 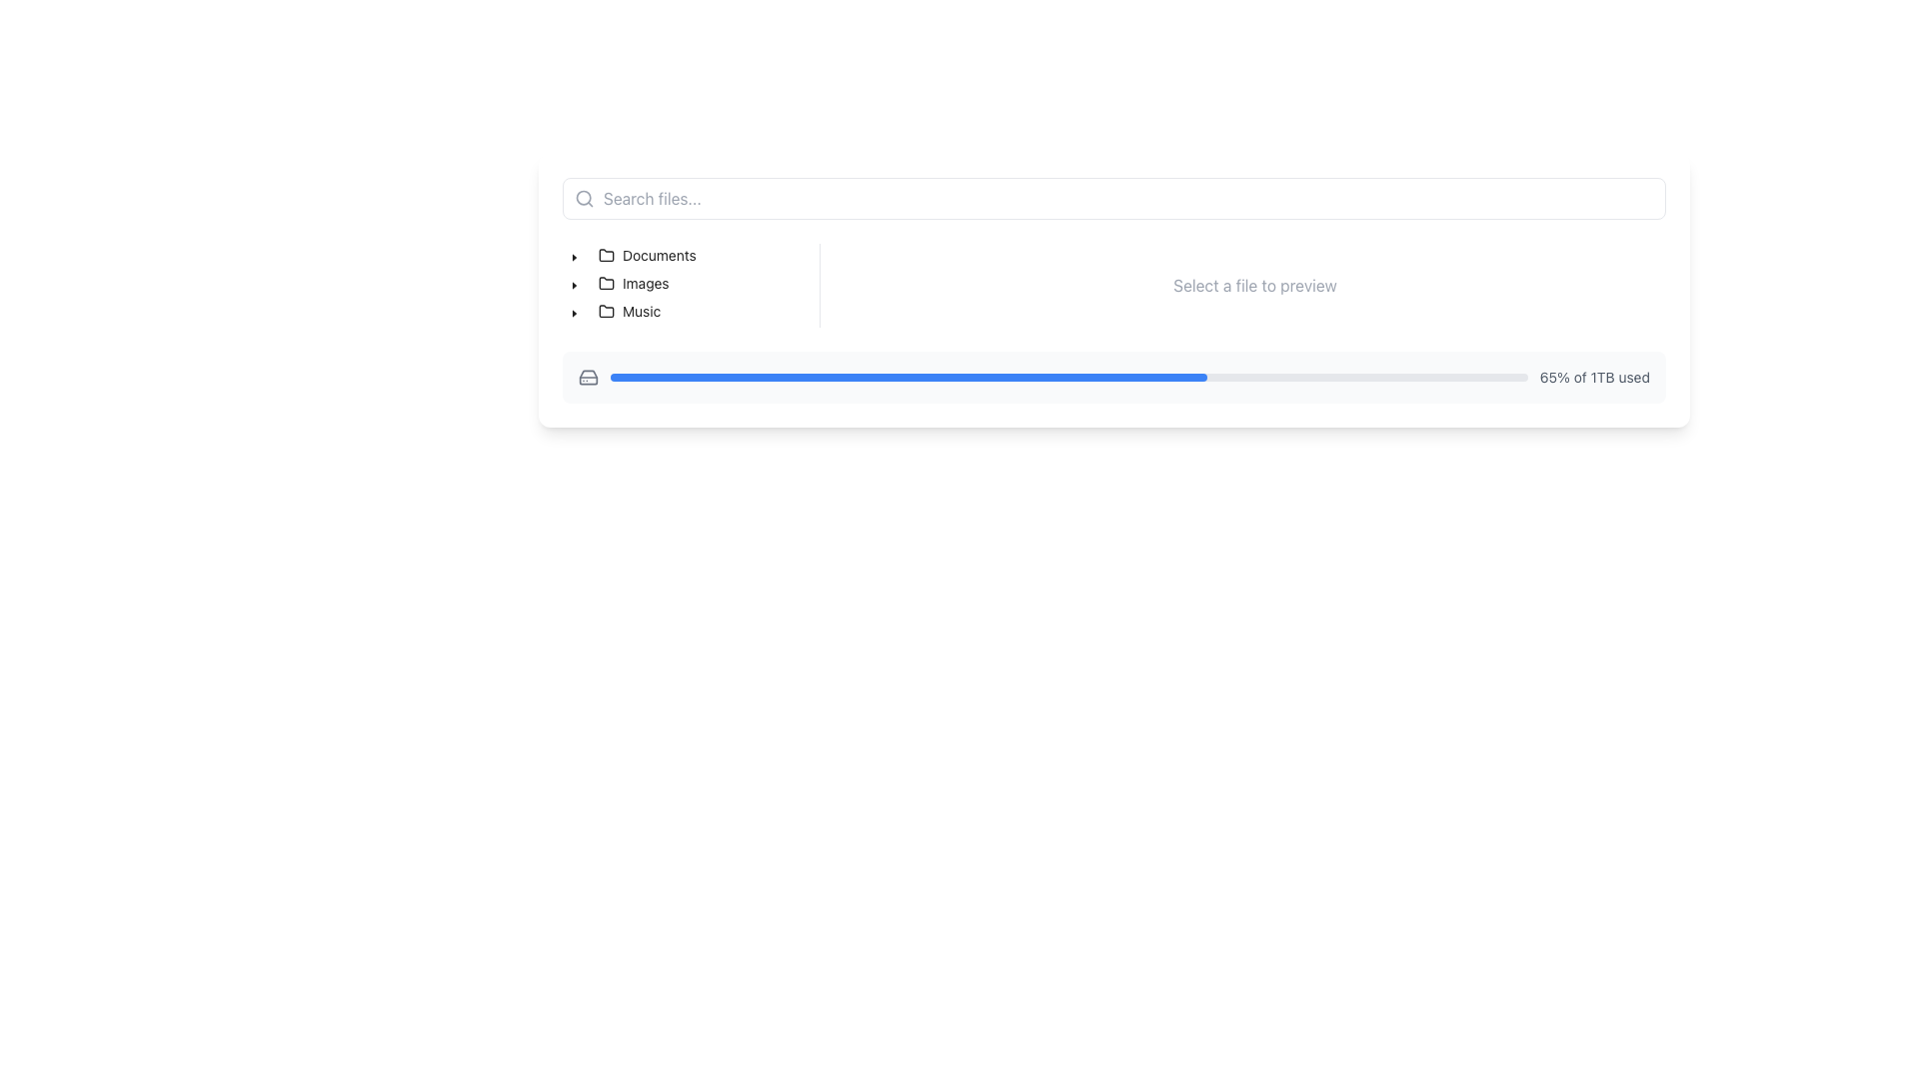 What do you see at coordinates (574, 284) in the screenshot?
I see `the collapsible toggle button with a rightward-facing arrow located to the left of the 'Images' folder in the file navigator` at bounding box center [574, 284].